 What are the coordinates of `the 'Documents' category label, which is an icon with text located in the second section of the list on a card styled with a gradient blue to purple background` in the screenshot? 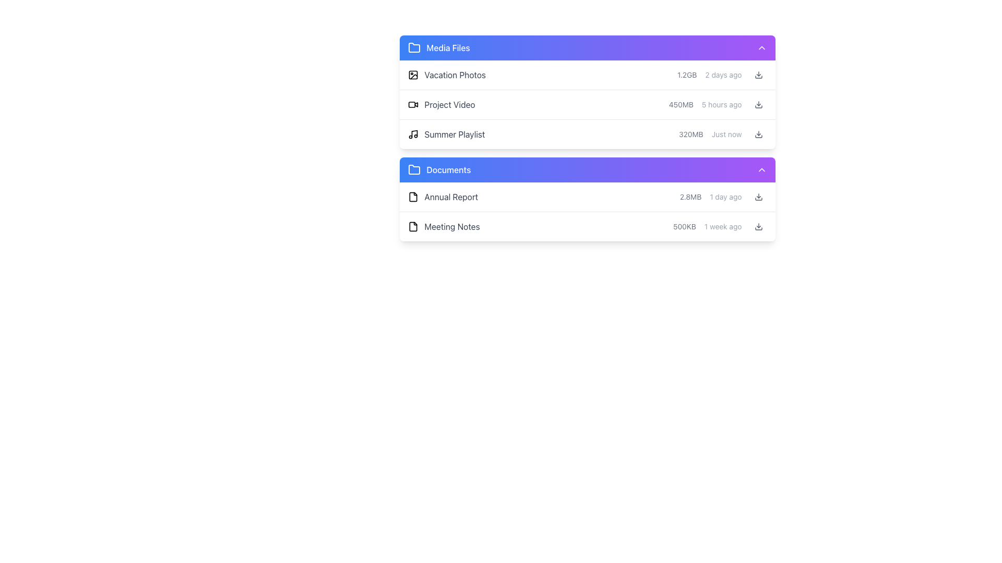 It's located at (439, 169).